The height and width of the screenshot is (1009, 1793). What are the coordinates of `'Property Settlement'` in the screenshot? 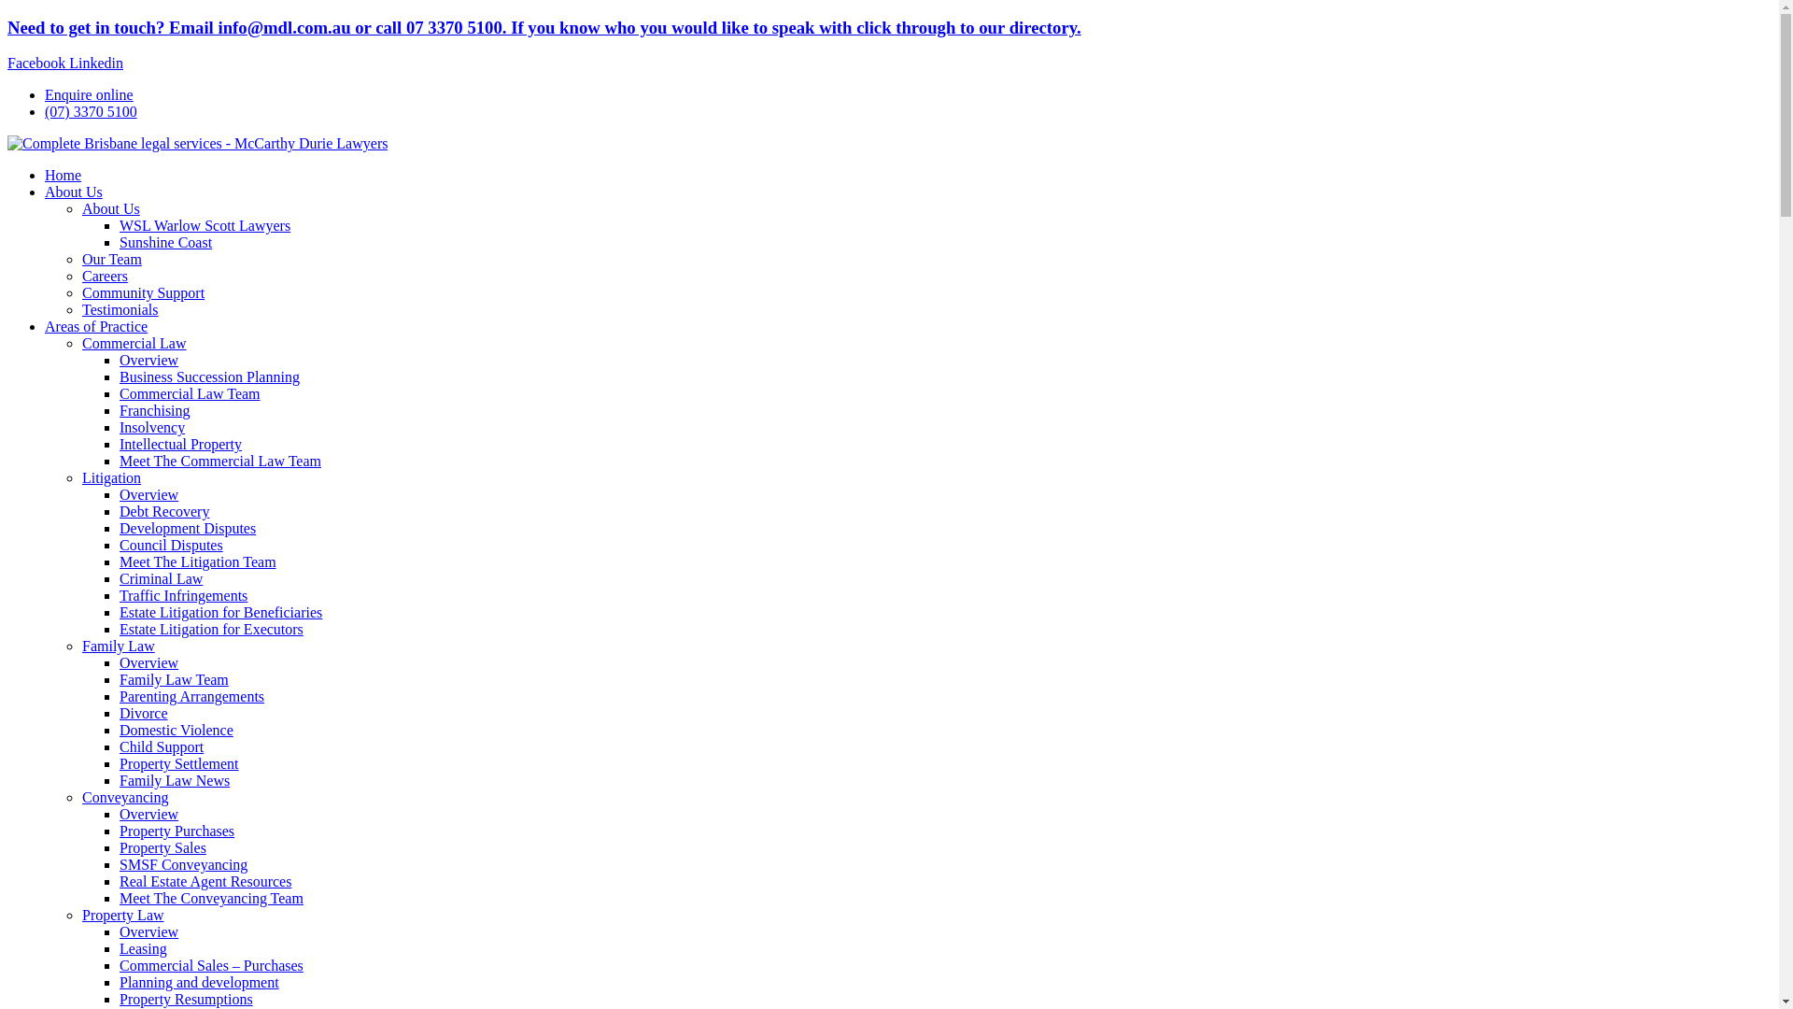 It's located at (119, 763).